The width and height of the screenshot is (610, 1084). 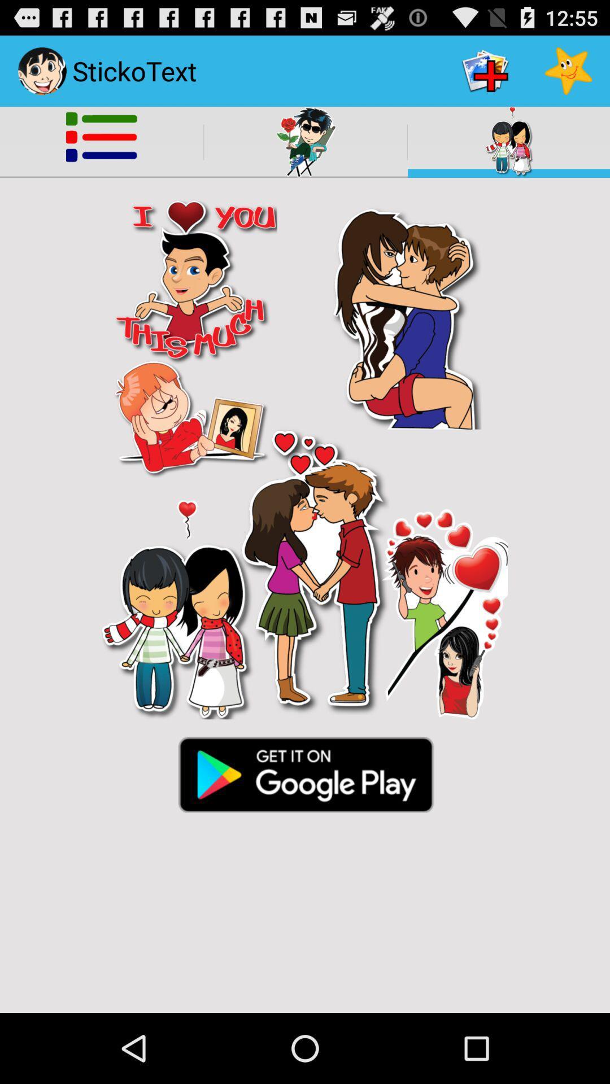 What do you see at coordinates (305, 773) in the screenshot?
I see `visit play store` at bounding box center [305, 773].